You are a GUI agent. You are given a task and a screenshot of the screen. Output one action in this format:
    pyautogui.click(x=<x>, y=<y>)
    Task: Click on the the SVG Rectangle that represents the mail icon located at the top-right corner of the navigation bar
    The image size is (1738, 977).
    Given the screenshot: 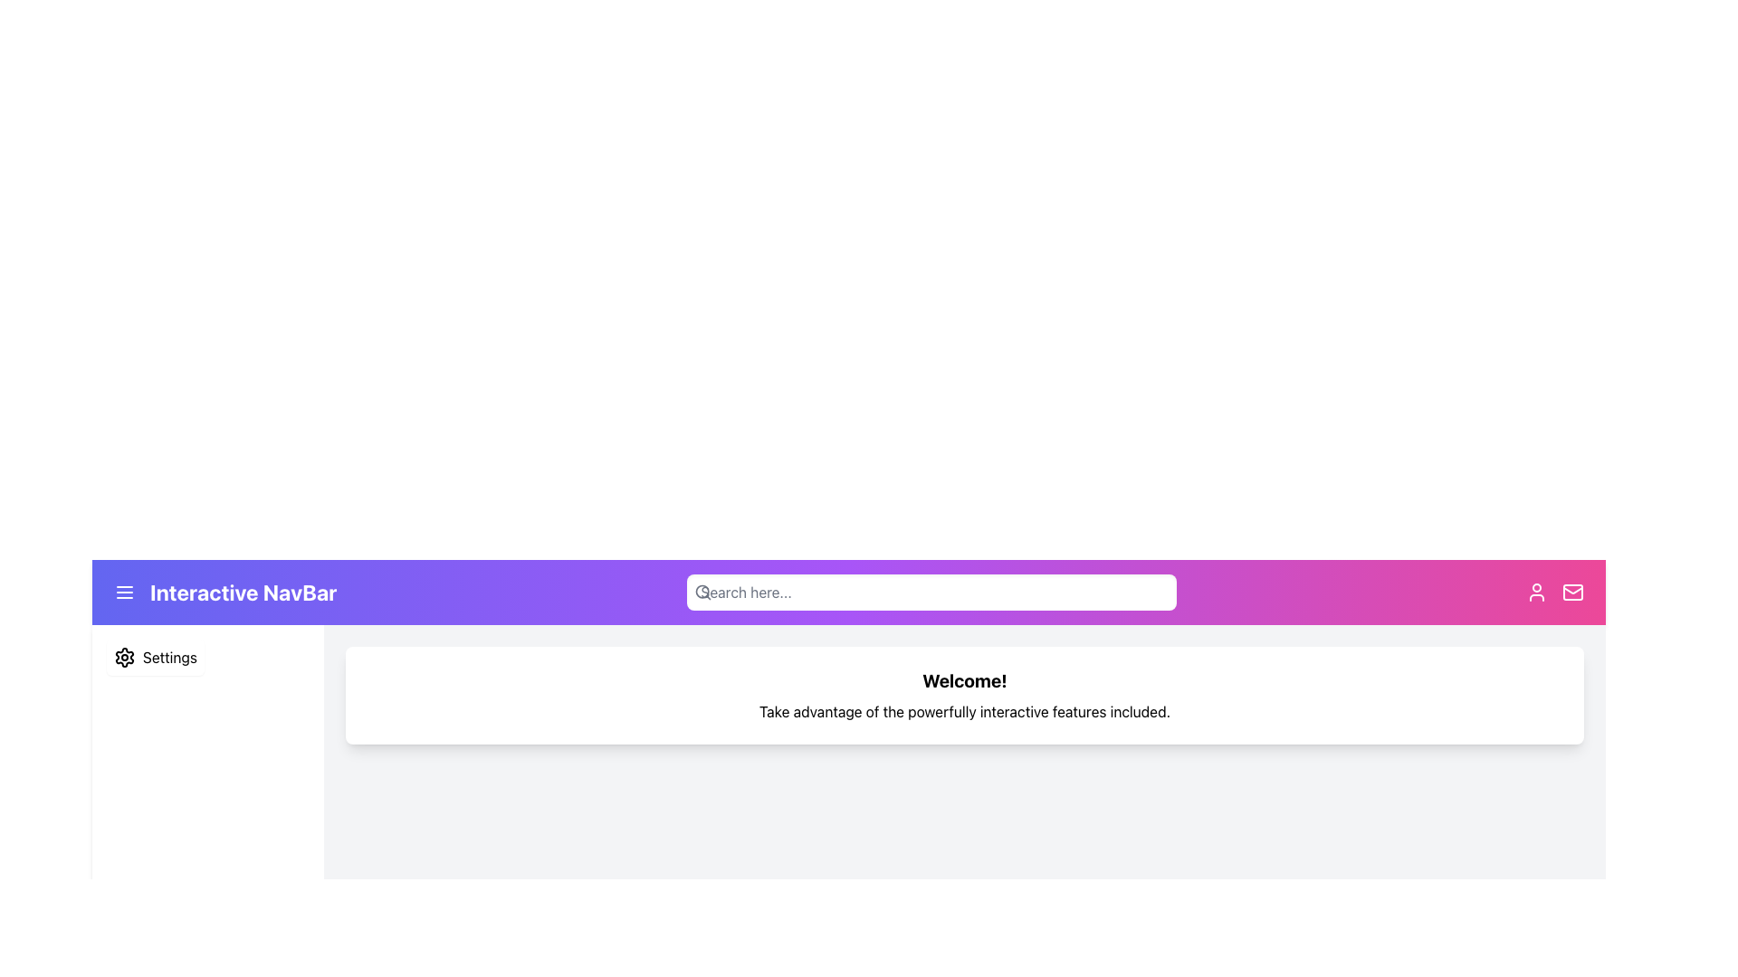 What is the action you would take?
    pyautogui.click(x=1571, y=593)
    